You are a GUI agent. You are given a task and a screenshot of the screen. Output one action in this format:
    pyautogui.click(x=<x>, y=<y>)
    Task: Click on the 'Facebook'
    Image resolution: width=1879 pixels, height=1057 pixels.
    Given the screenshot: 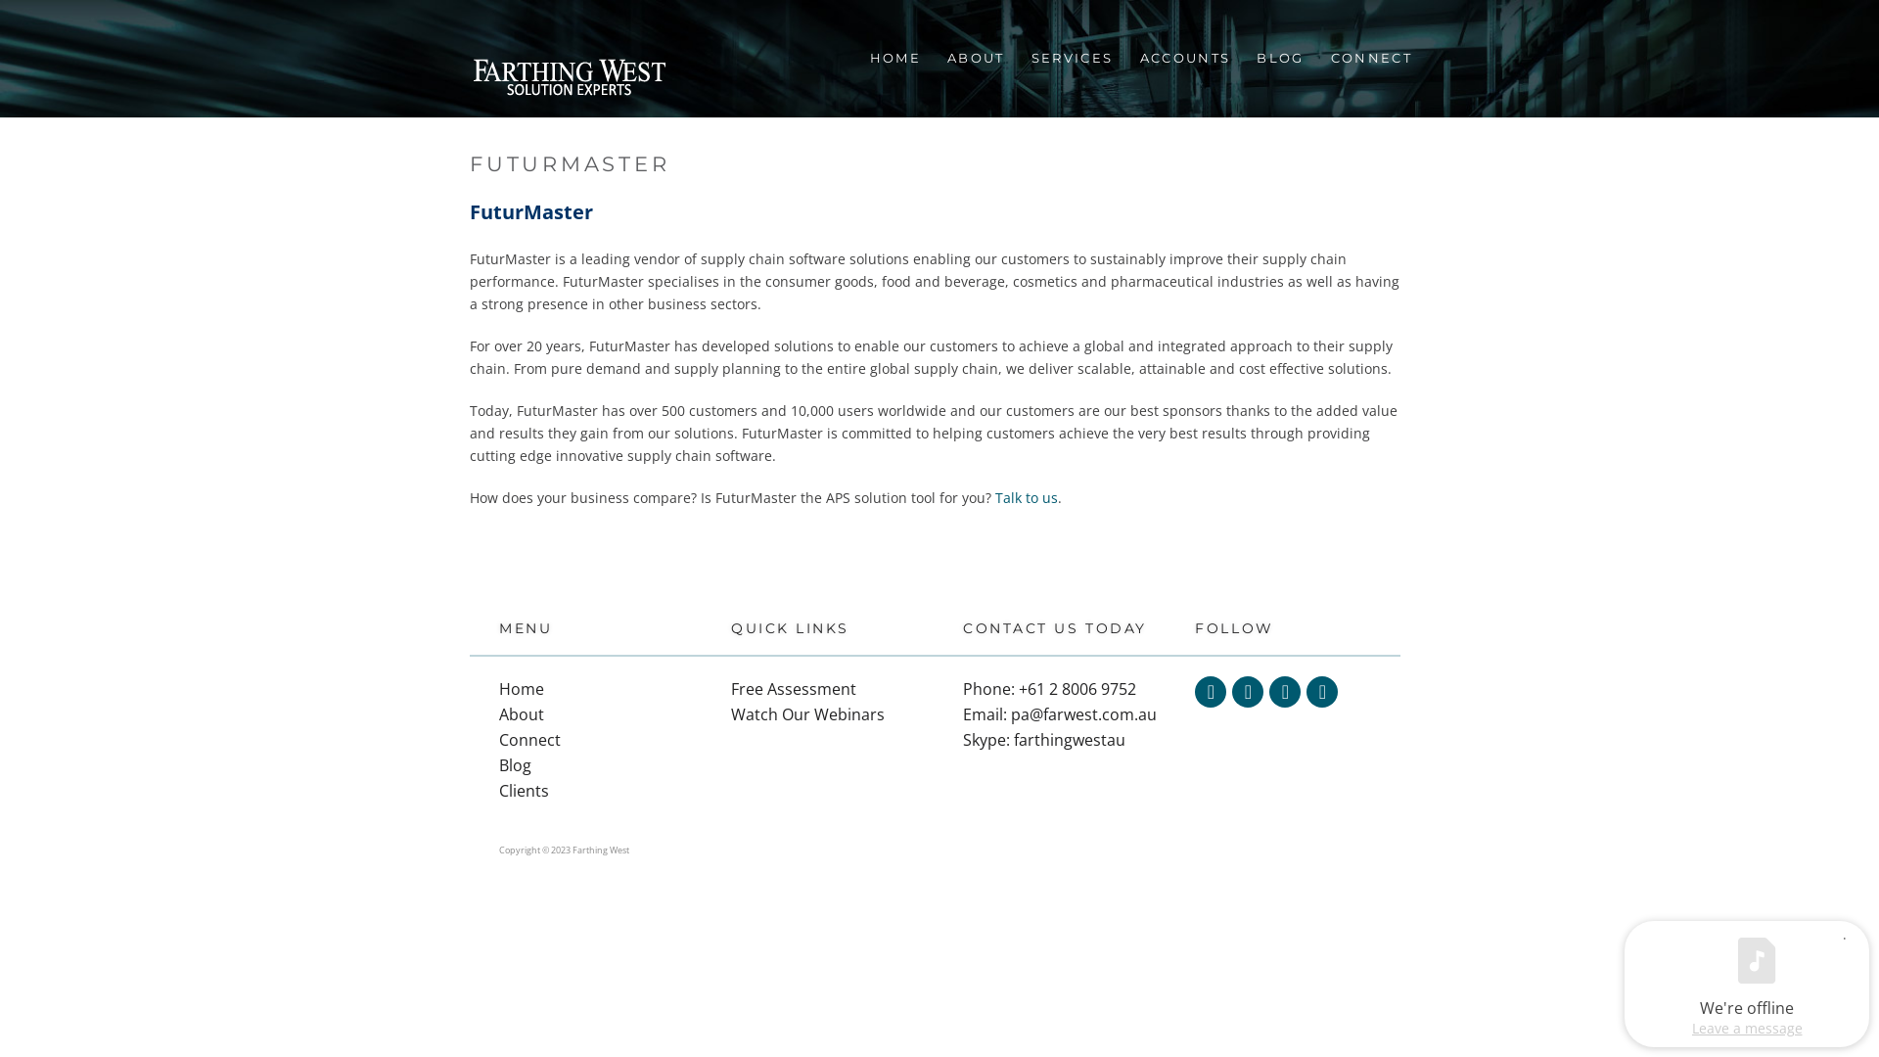 What is the action you would take?
    pyautogui.click(x=1247, y=690)
    